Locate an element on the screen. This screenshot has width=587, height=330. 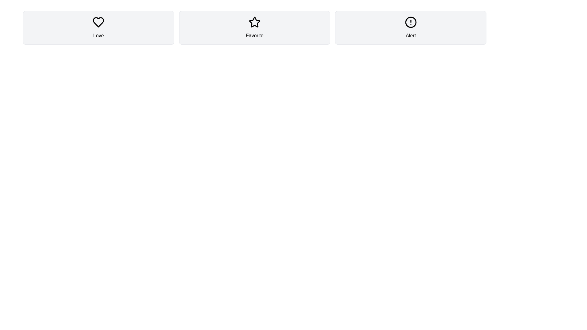
the circular shape element with a black border and white interior, which is centrally positioned within a larger alert icon is located at coordinates (411, 22).